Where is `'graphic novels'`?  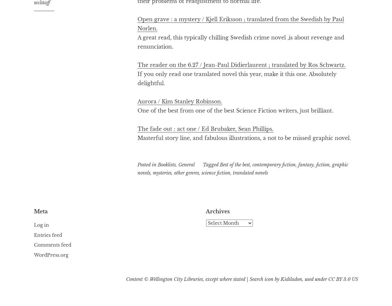
'graphic novels' is located at coordinates (243, 168).